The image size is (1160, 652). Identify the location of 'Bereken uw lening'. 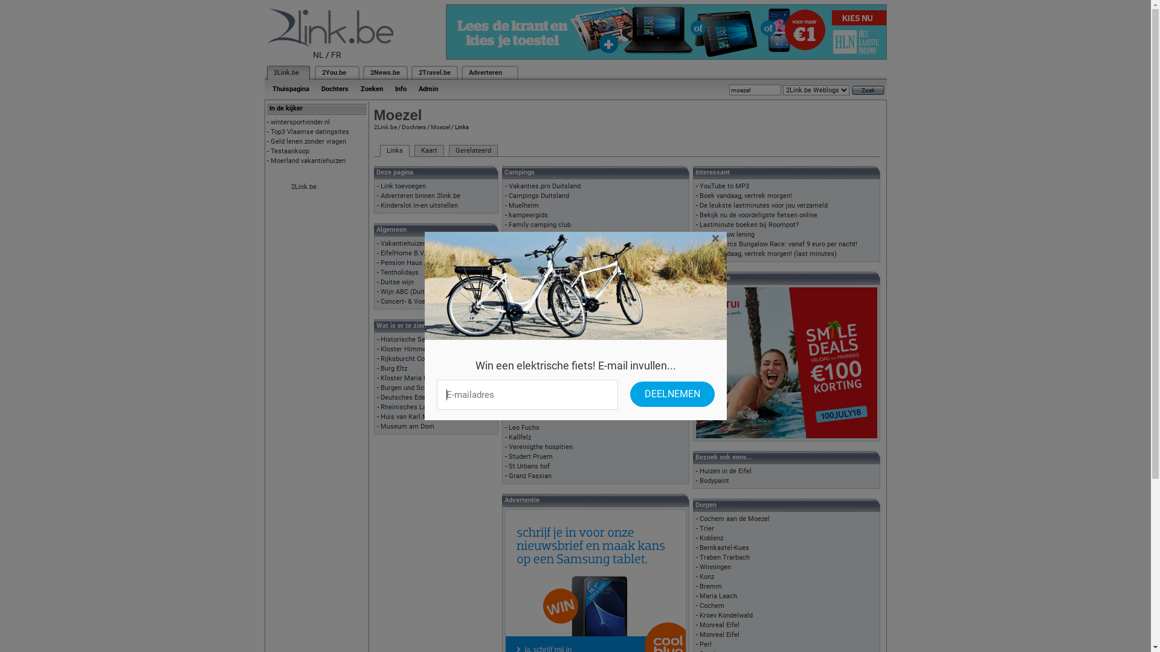
(726, 234).